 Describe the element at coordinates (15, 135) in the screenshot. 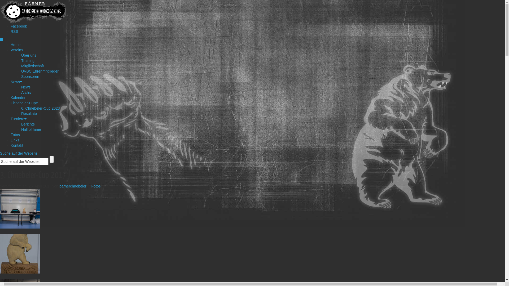

I see `'Fotos'` at that location.